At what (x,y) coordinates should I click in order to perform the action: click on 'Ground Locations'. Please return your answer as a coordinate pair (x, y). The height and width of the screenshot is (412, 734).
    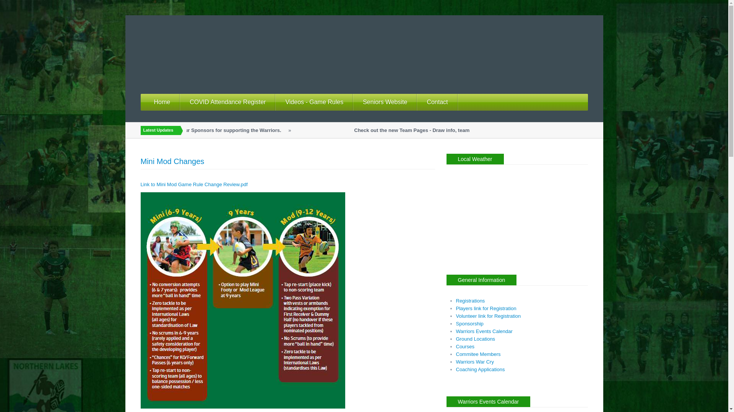
    Looking at the image, I should click on (475, 338).